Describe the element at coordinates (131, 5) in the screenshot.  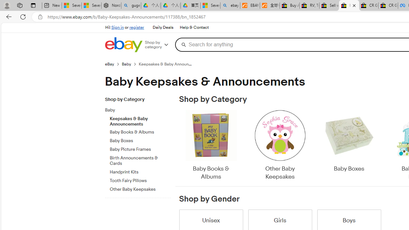
I see `'guge yunpan - Search'` at that location.